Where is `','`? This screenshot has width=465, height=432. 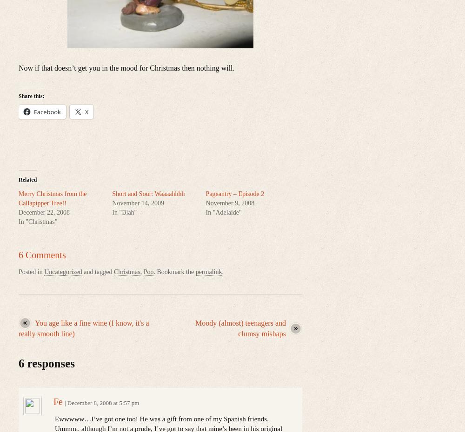 ',' is located at coordinates (141, 271).